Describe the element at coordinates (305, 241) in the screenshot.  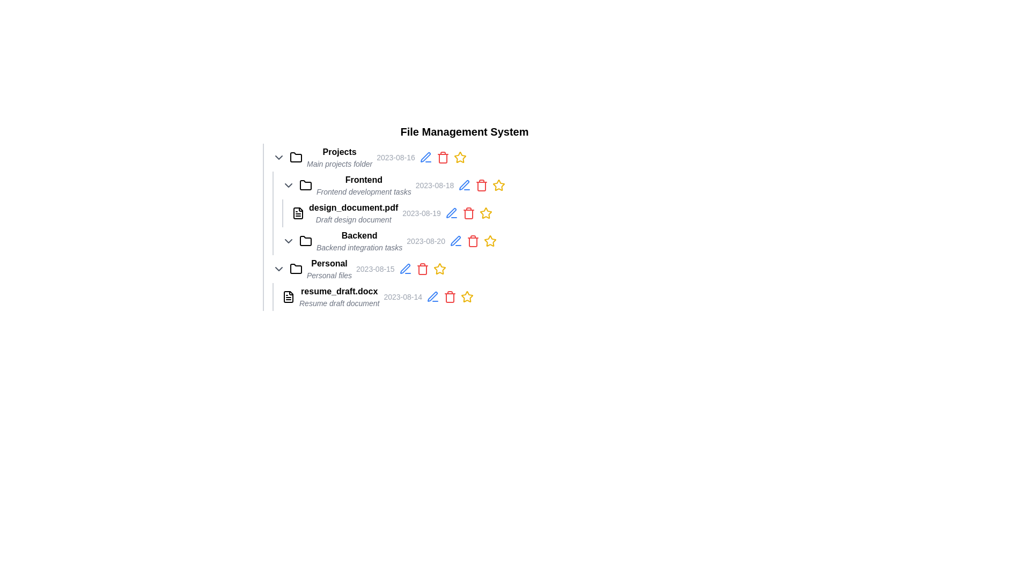
I see `the open folder icon located to the left of the 'Backend' text` at that location.